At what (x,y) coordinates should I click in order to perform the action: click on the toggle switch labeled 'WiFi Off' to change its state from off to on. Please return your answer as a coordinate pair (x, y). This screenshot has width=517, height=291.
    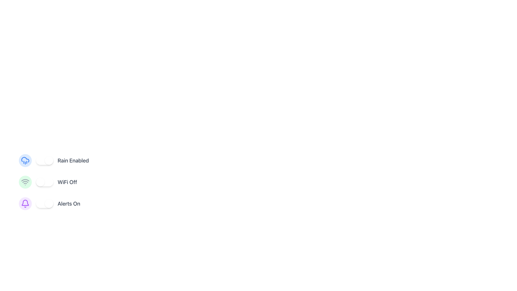
    Looking at the image, I should click on (48, 182).